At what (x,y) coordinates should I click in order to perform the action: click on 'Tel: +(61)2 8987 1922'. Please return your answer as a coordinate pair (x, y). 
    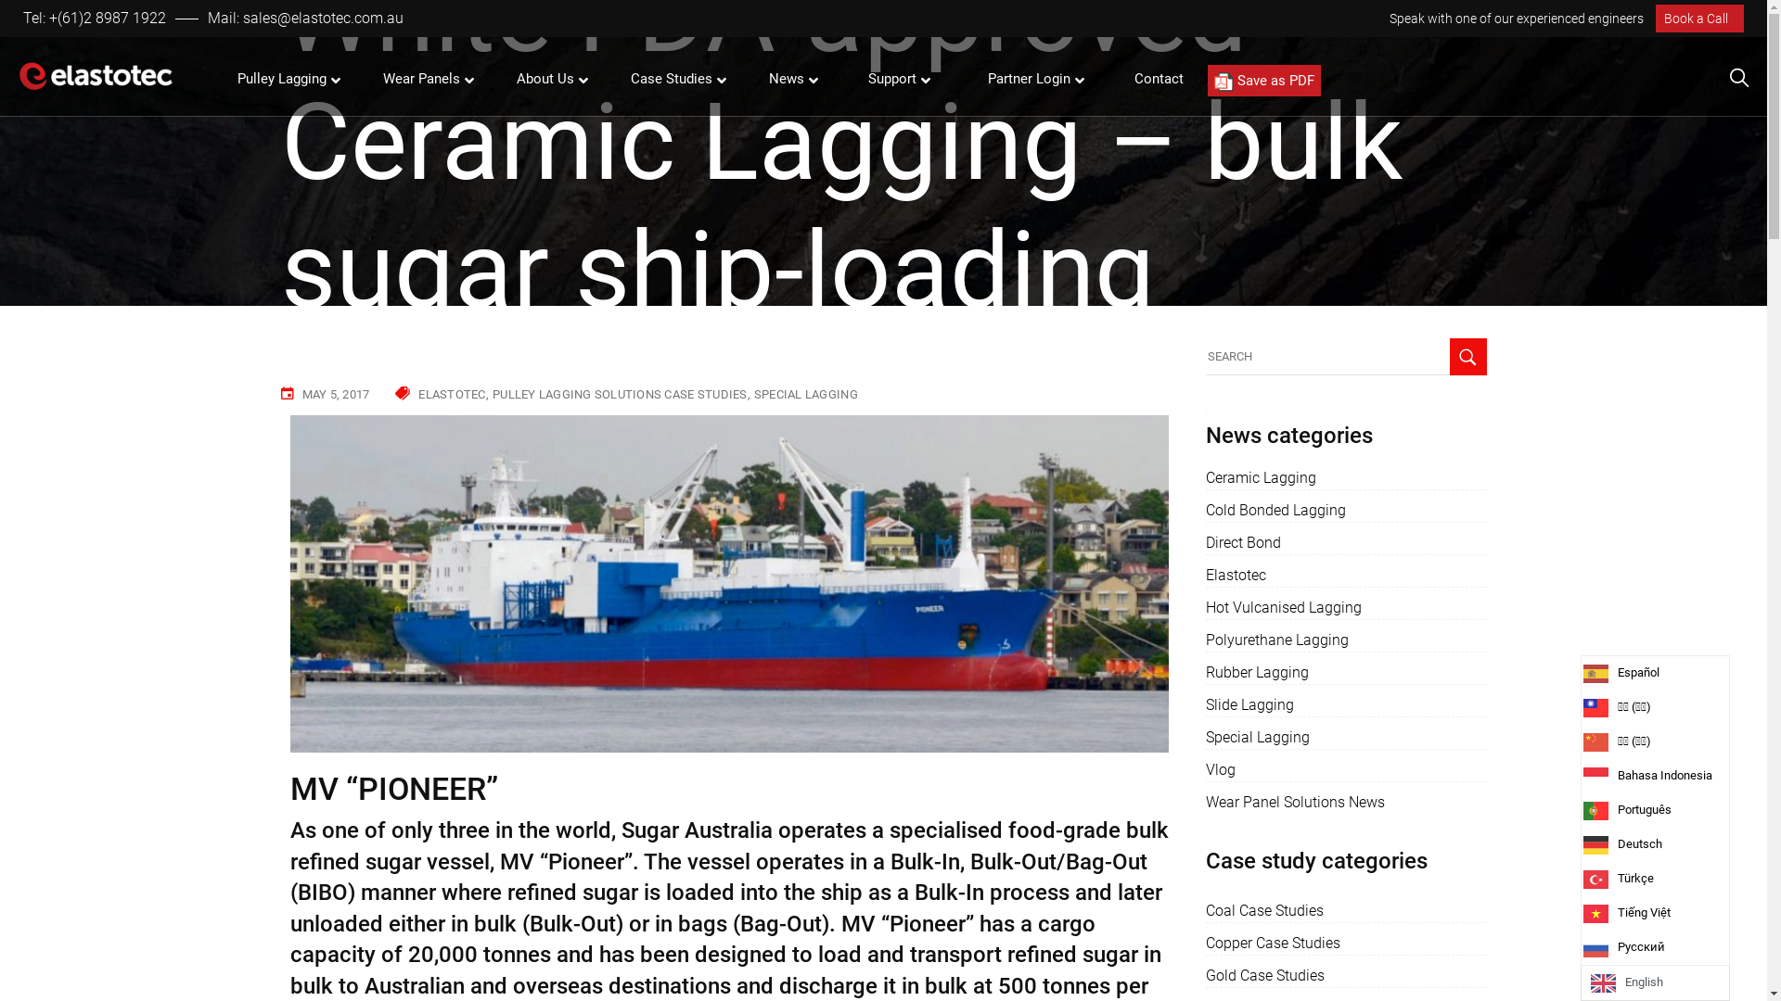
    Looking at the image, I should click on (22, 18).